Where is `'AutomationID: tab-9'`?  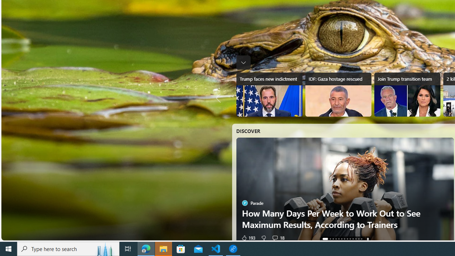
'AutomationID: tab-9' is located at coordinates (353, 239).